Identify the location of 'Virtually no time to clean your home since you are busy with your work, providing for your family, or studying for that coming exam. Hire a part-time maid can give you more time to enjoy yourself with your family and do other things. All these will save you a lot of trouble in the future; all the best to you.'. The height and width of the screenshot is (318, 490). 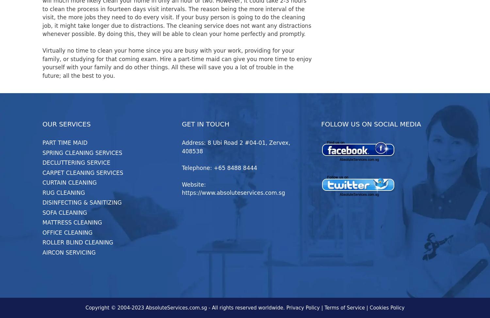
(177, 63).